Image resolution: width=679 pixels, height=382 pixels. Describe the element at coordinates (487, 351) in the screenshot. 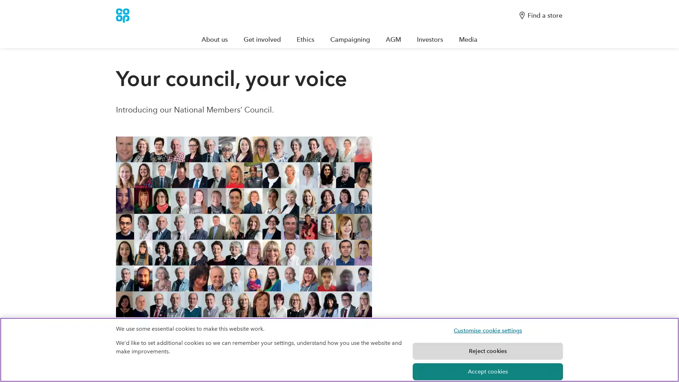

I see `Reject cookies` at that location.